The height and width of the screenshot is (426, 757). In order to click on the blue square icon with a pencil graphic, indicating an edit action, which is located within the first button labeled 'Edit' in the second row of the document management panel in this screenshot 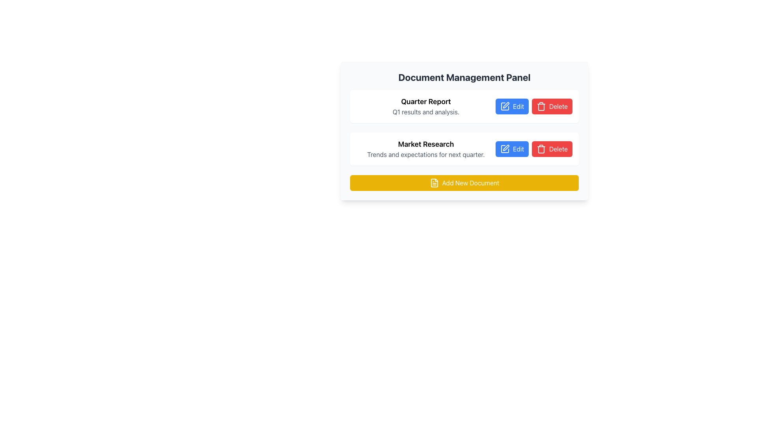, I will do `click(505, 149)`.